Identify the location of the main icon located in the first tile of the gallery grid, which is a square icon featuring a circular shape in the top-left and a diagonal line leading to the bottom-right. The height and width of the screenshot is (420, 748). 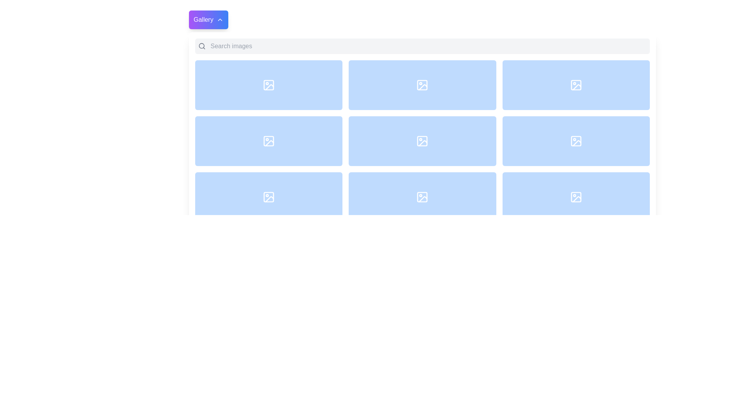
(269, 85).